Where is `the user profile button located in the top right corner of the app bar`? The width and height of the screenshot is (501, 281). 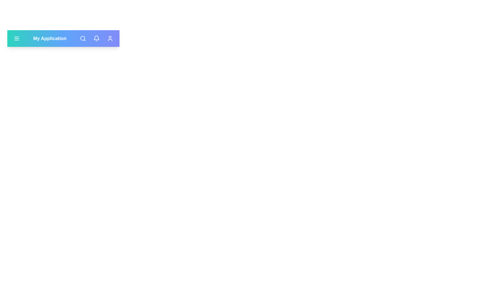 the user profile button located in the top right corner of the app bar is located at coordinates (110, 38).